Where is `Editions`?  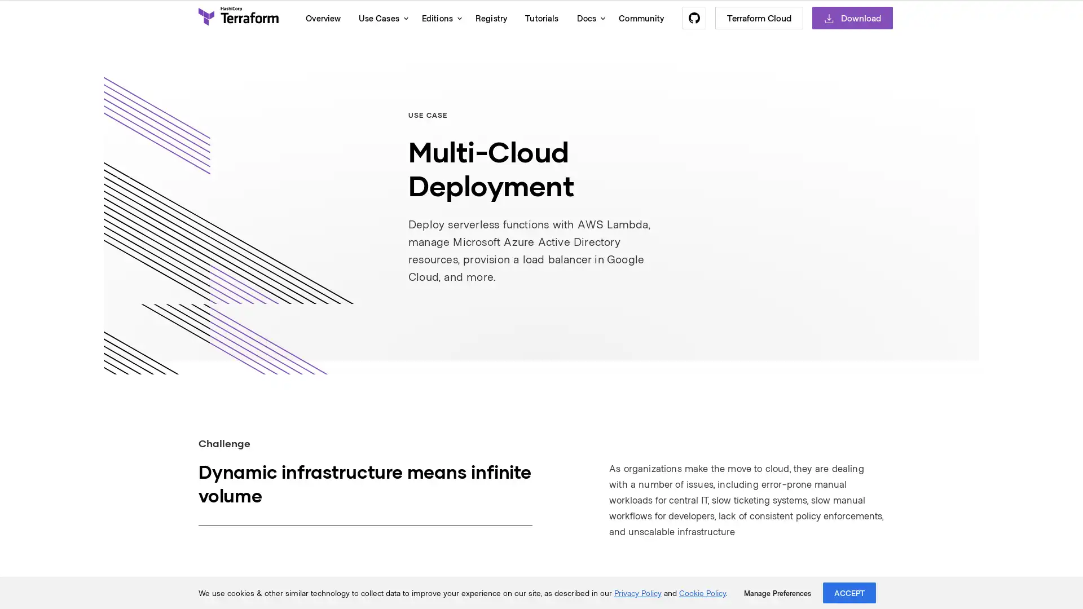 Editions is located at coordinates (438, 17).